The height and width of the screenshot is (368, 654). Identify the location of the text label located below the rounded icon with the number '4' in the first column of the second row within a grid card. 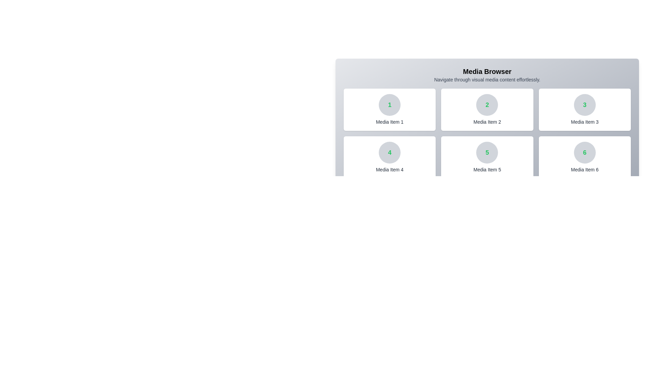
(390, 169).